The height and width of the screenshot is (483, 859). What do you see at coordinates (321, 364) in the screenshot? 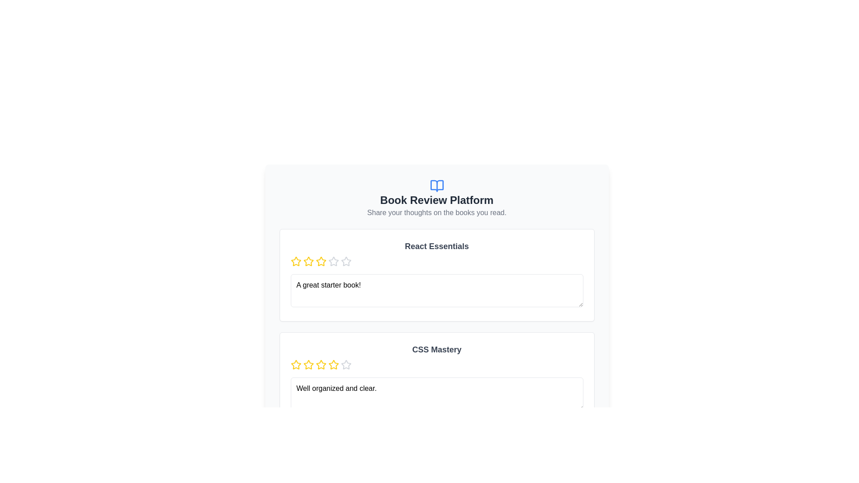
I see `the second yellow star icon in the rating system for the book 'CSS Mastery' to set the rating to 2` at bounding box center [321, 364].